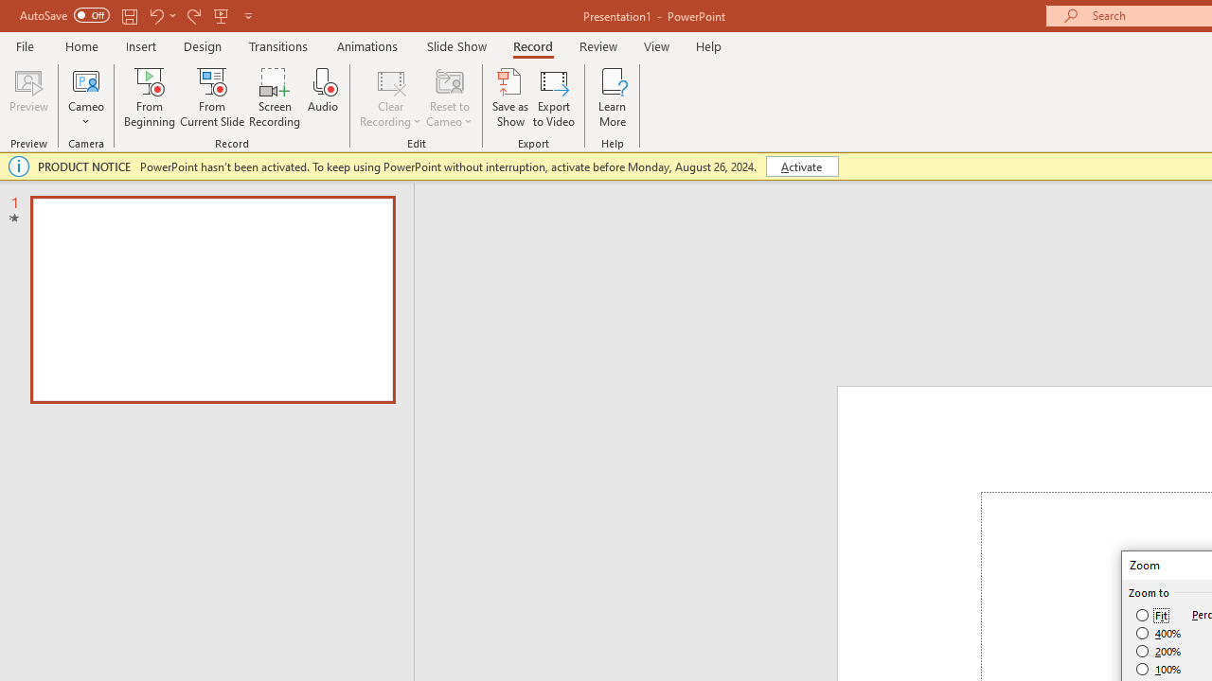 This screenshot has height=681, width=1212. Describe the element at coordinates (802, 166) in the screenshot. I see `'Activate'` at that location.